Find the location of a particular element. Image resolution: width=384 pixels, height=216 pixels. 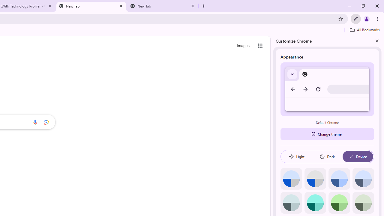

'Chrome' is located at coordinates (378, 18).